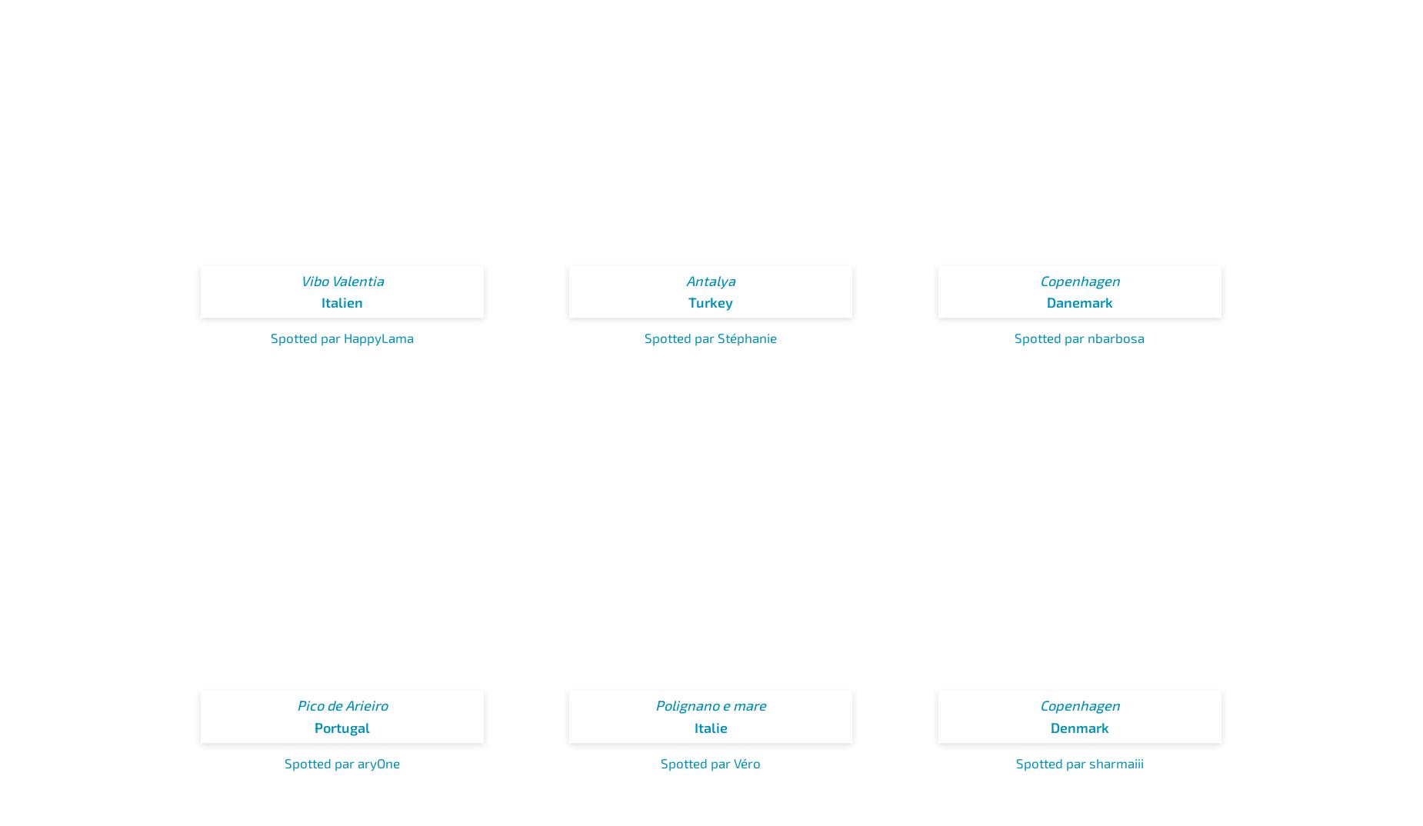  I want to click on 'Italien', so click(341, 301).